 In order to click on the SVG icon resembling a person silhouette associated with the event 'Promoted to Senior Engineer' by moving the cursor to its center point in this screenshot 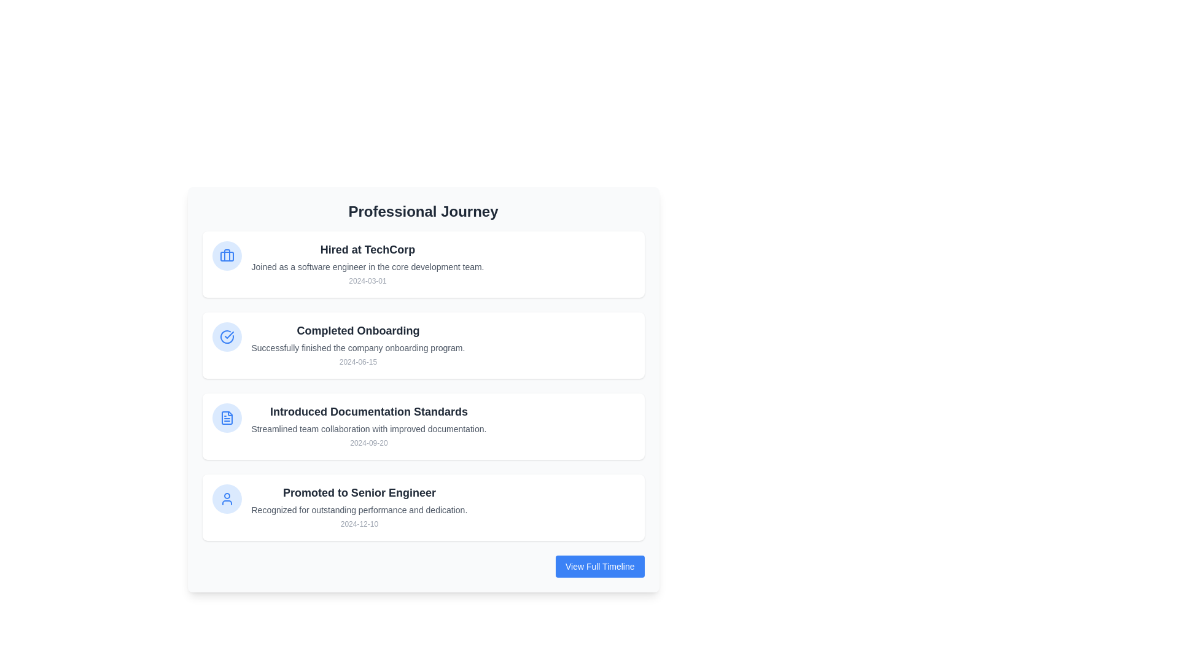, I will do `click(227, 499)`.